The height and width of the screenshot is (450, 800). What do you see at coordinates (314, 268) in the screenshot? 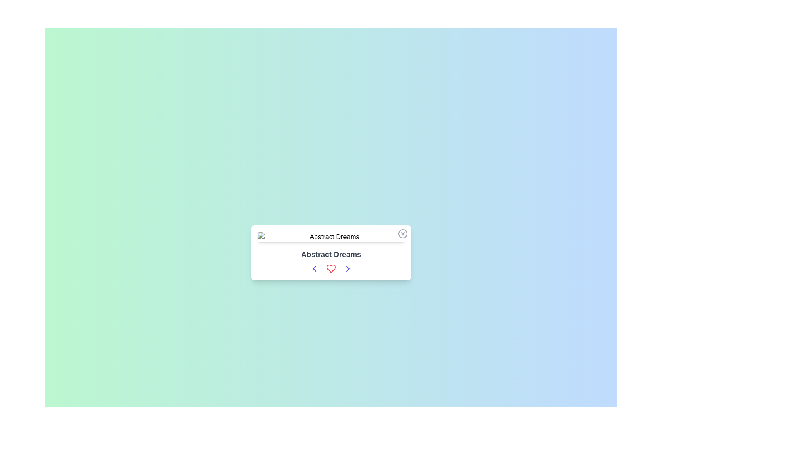
I see `the left arrow button styled in blue, which is the leftmost button in the horizontal group below the 'Abstract Dreams' text` at bounding box center [314, 268].